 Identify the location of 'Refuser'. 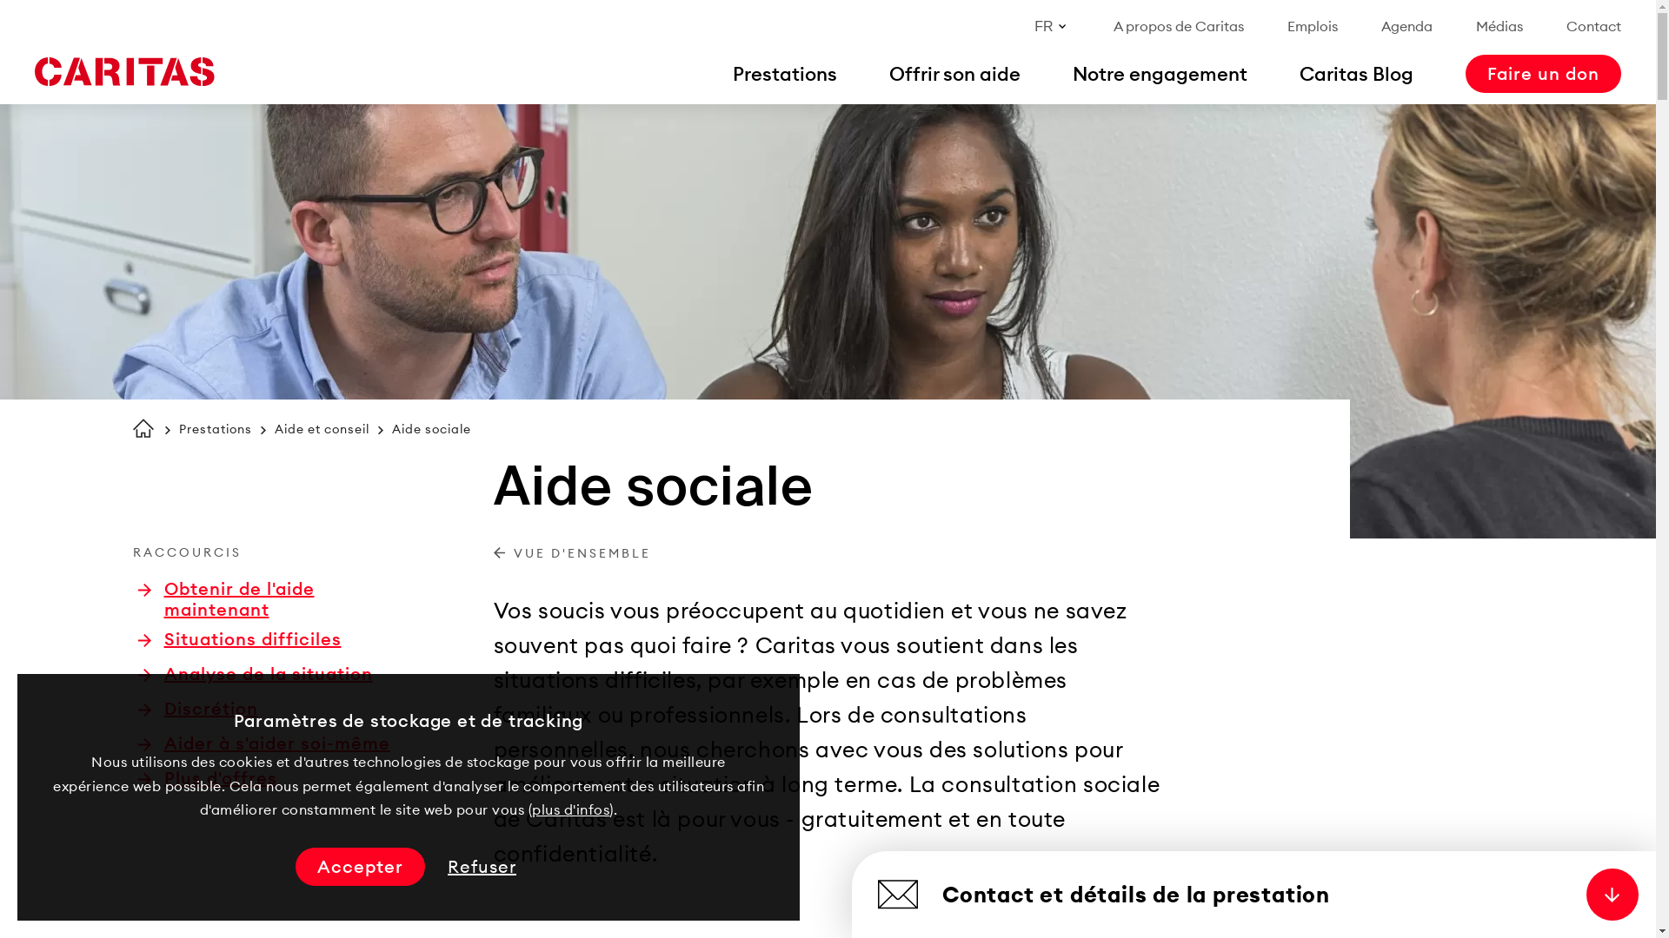
(482, 867).